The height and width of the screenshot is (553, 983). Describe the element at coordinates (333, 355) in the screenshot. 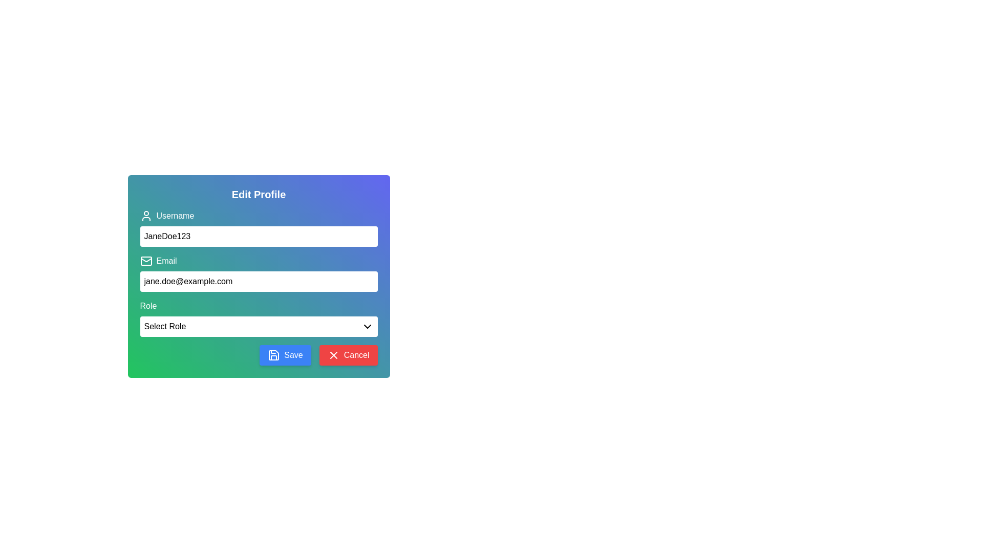

I see `the close icon resembling an 'X' located inside the 'Cancel' button, positioned to the left of the 'Cancel' text label` at that location.